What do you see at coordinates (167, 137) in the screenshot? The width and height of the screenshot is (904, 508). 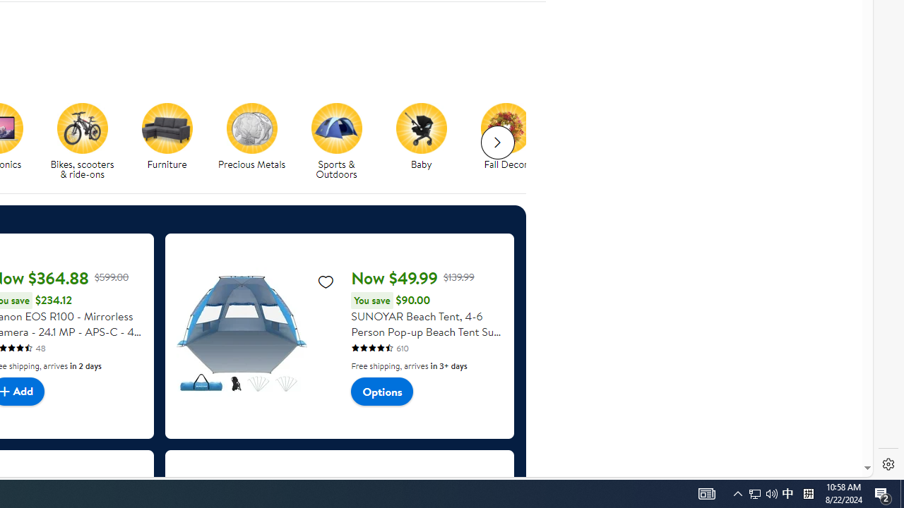 I see `'Furniture Furniture'` at bounding box center [167, 137].